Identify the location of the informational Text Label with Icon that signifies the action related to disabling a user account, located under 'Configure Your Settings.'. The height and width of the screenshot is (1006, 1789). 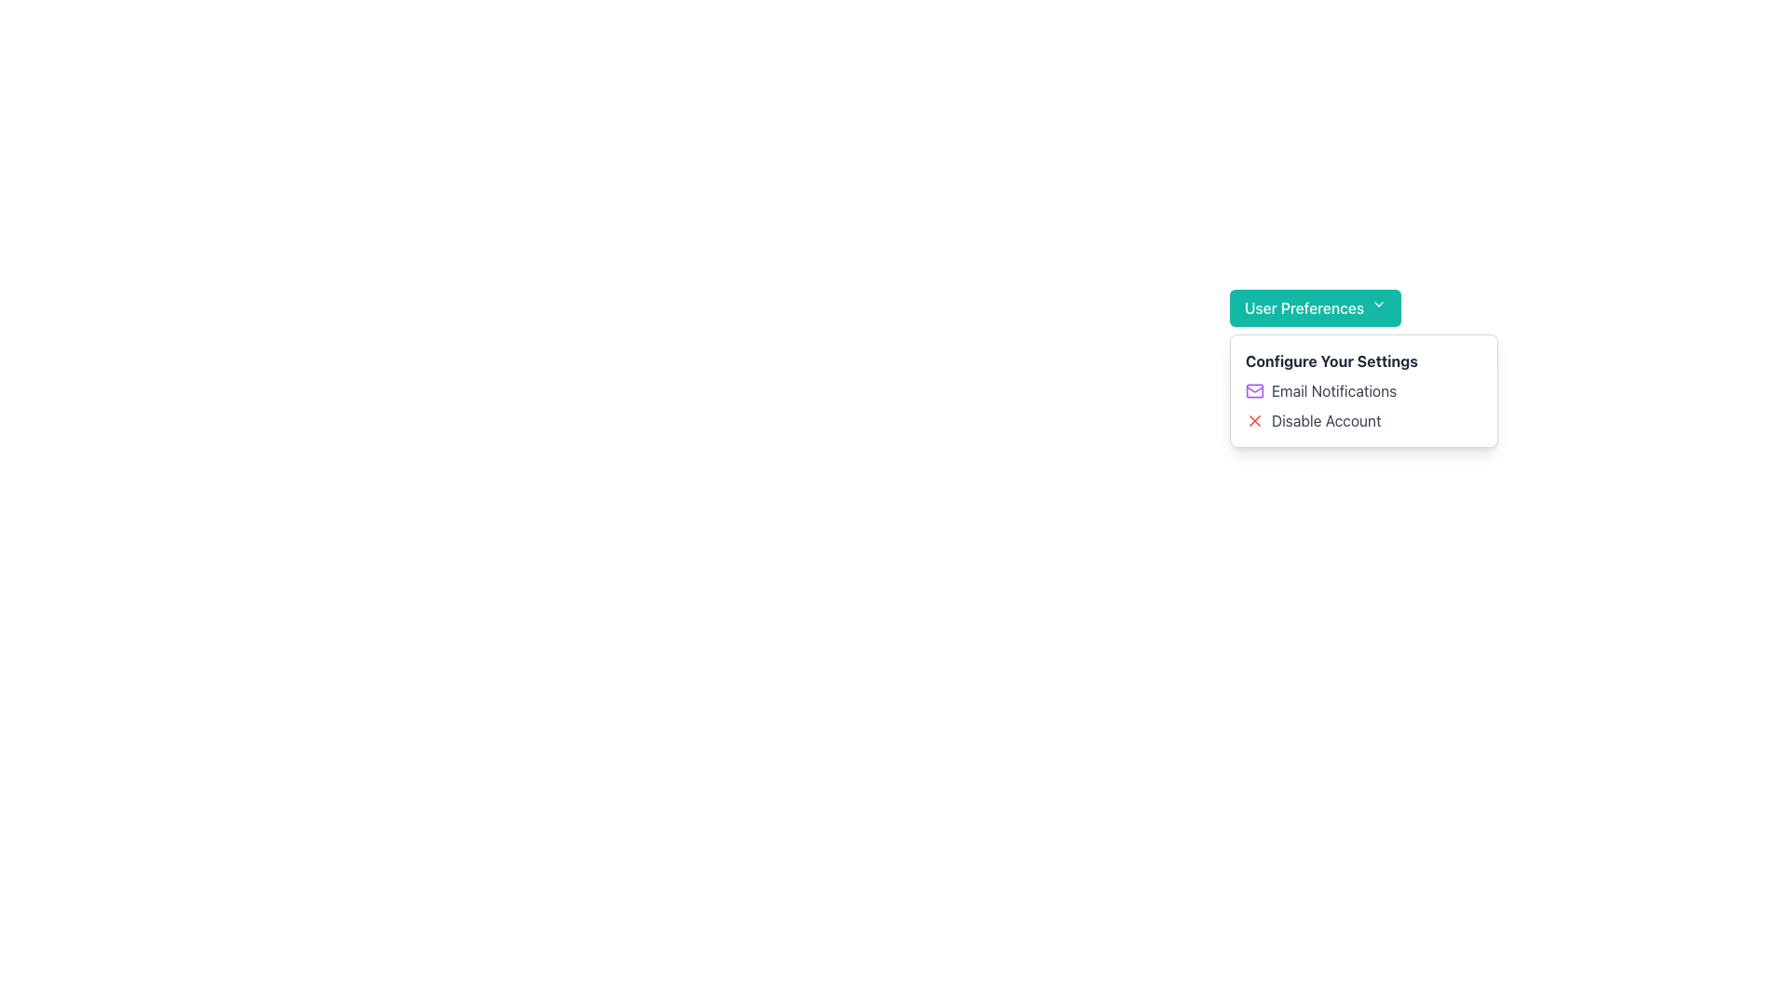
(1363, 420).